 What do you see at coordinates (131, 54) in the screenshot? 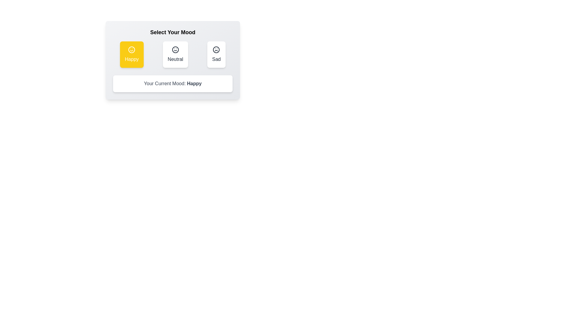
I see `the button corresponding to the mood Happy` at bounding box center [131, 54].